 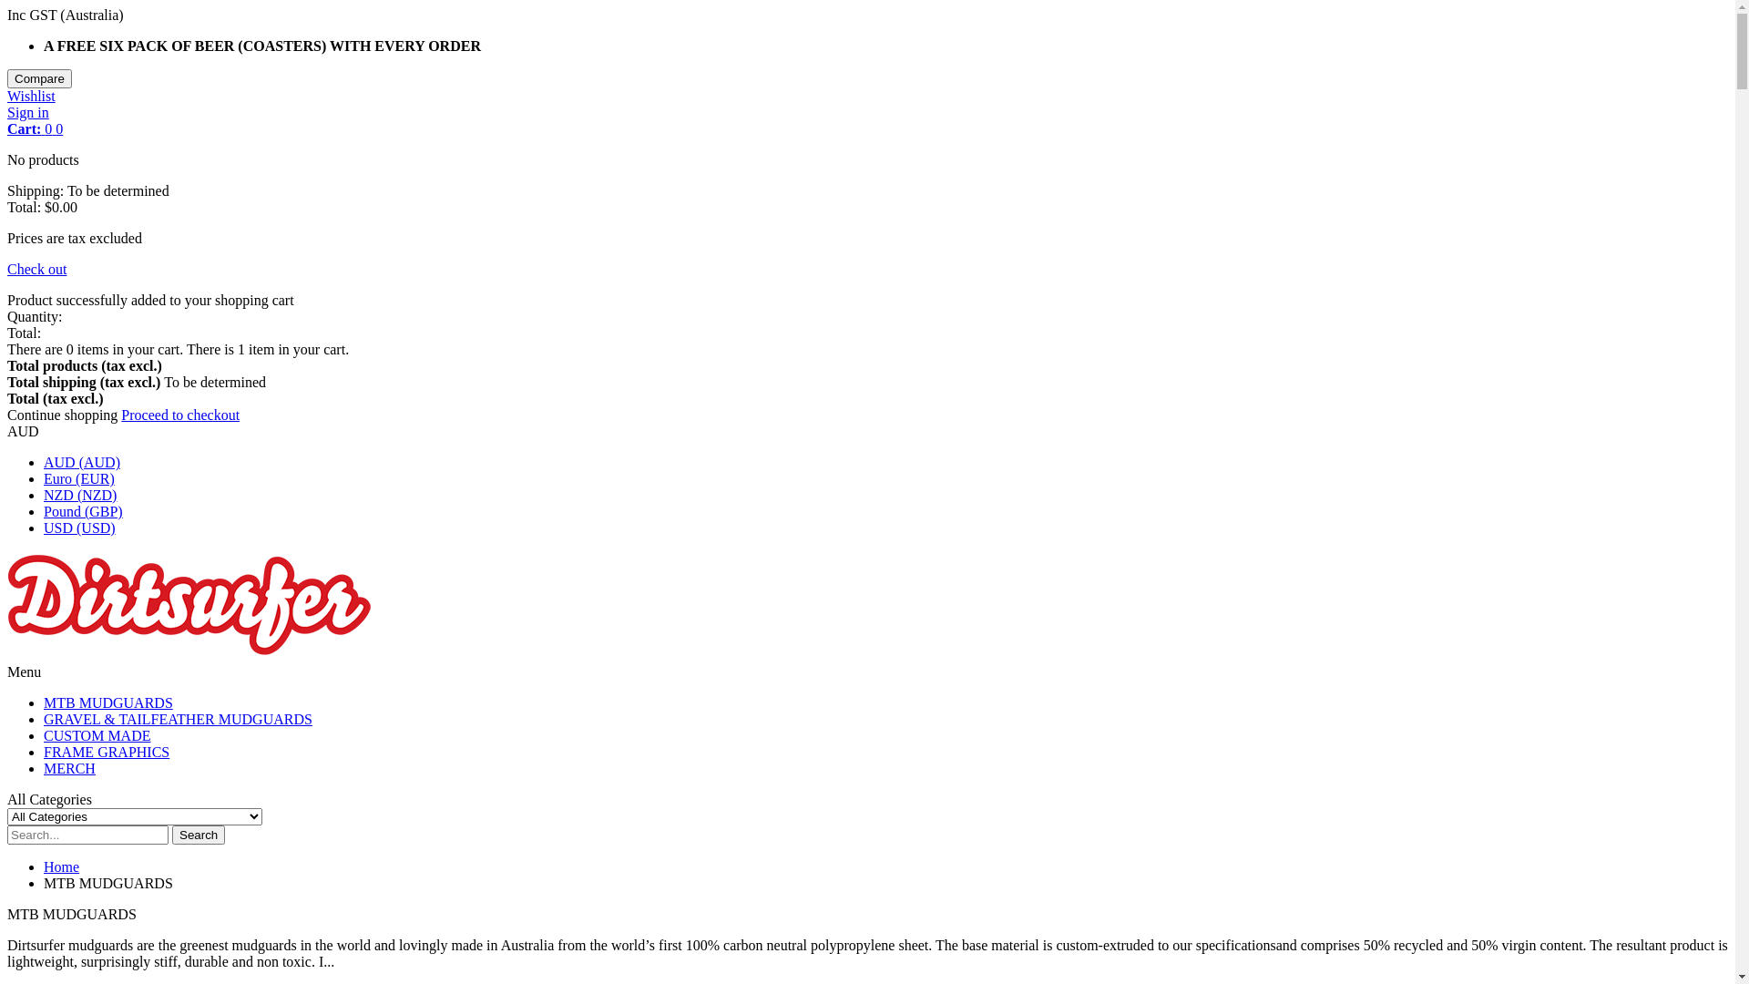 What do you see at coordinates (44, 718) in the screenshot?
I see `'GRAVEL & TAILFEATHER MUDGUARDS'` at bounding box center [44, 718].